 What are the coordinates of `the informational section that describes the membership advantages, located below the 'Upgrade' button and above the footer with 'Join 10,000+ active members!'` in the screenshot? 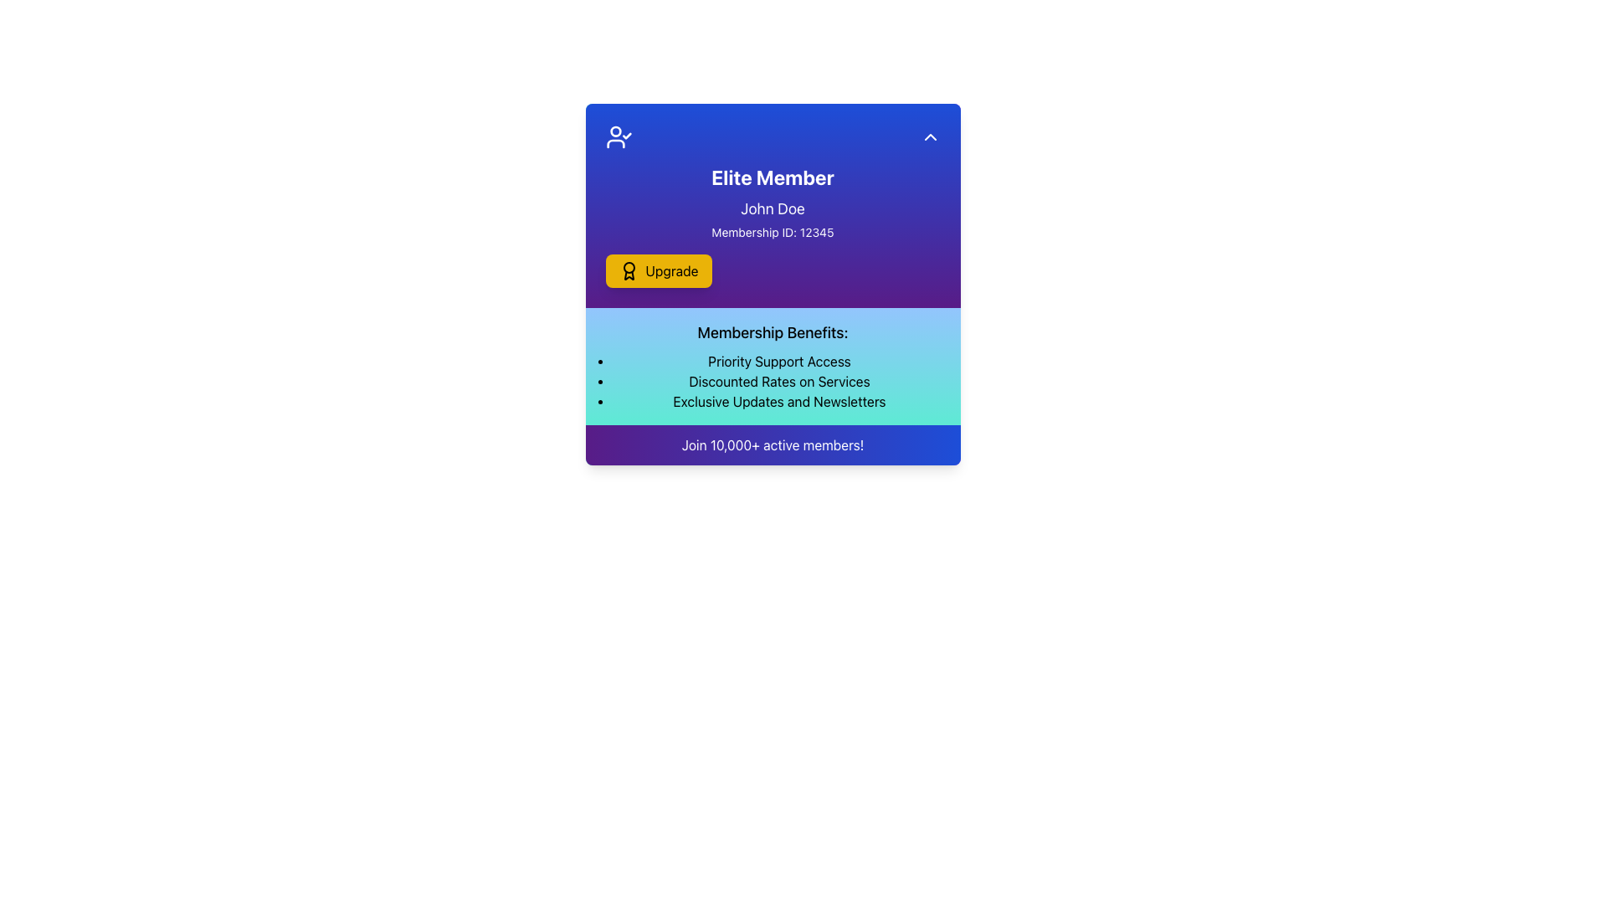 It's located at (772, 366).